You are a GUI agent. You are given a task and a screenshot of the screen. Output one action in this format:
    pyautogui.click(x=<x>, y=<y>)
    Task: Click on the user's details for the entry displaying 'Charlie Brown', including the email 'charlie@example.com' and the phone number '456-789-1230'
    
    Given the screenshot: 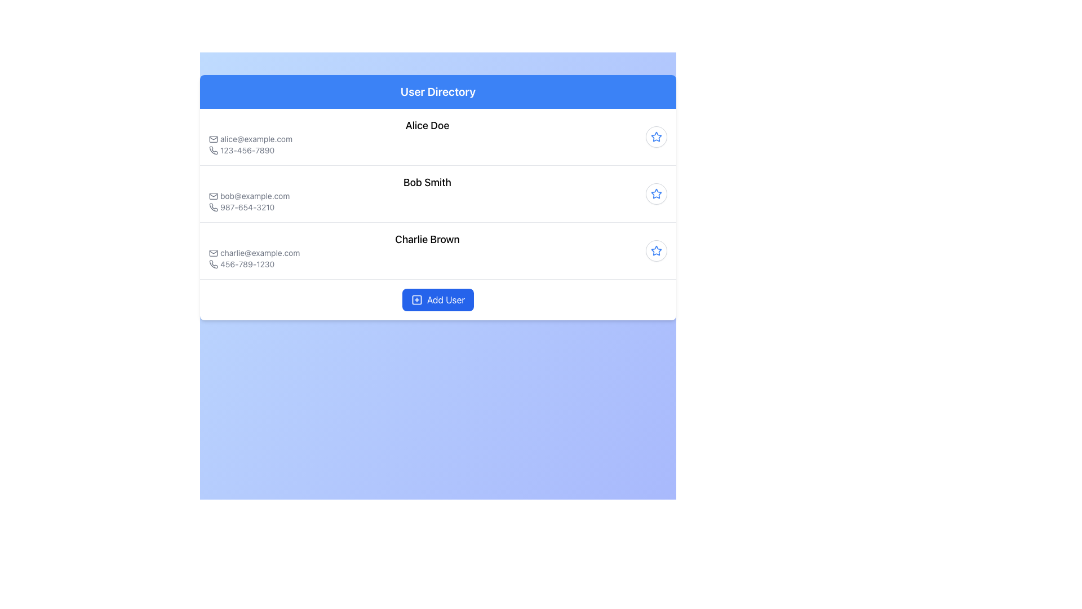 What is the action you would take?
    pyautogui.click(x=437, y=250)
    